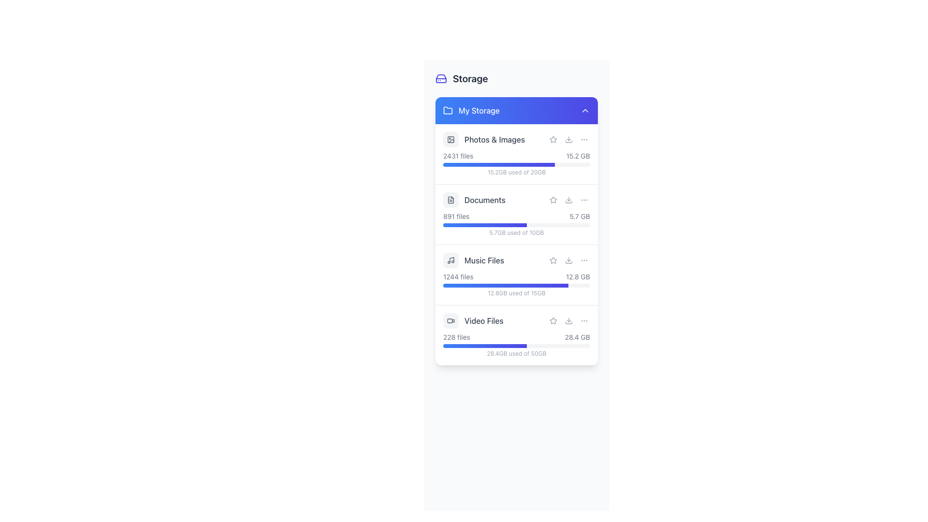 The width and height of the screenshot is (928, 522). What do you see at coordinates (505, 285) in the screenshot?
I see `the progress bar that visually represents the storage capacity used by music files, located in the third section below '1244 files' and above '12.8GB used of 15GB'` at bounding box center [505, 285].